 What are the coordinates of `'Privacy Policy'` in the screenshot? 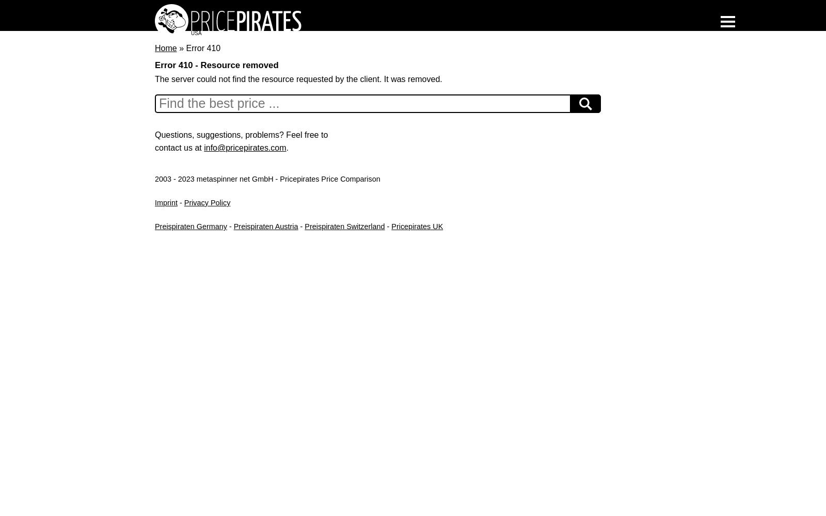 It's located at (206, 202).